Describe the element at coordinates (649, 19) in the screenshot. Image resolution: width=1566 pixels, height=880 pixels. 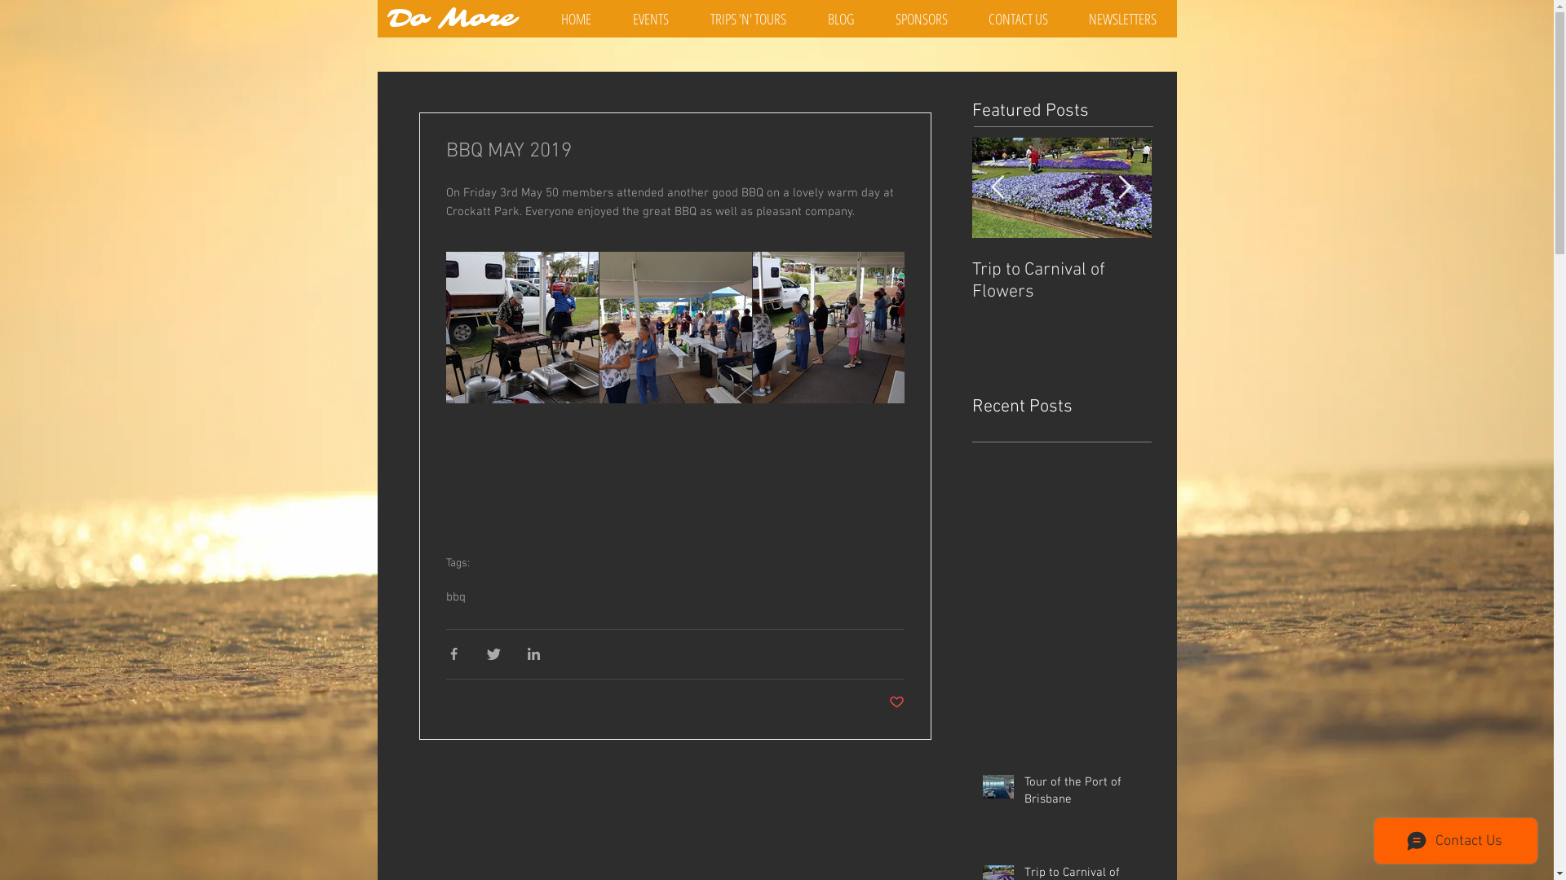
I see `'EVENTS'` at that location.